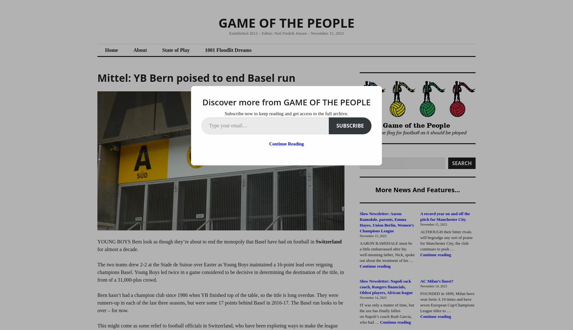 The height and width of the screenshot is (330, 573). What do you see at coordinates (220, 272) in the screenshot?
I see `'The two teams drew 2-2 at the Stade de Suisse over Easter as Young Boys maintained a 16-point lead over reigning champions Basel. Young Boys led twice in a game considered to be decisive in determining the destination of the title, in front of a 31,000-plus crowd.'` at bounding box center [220, 272].